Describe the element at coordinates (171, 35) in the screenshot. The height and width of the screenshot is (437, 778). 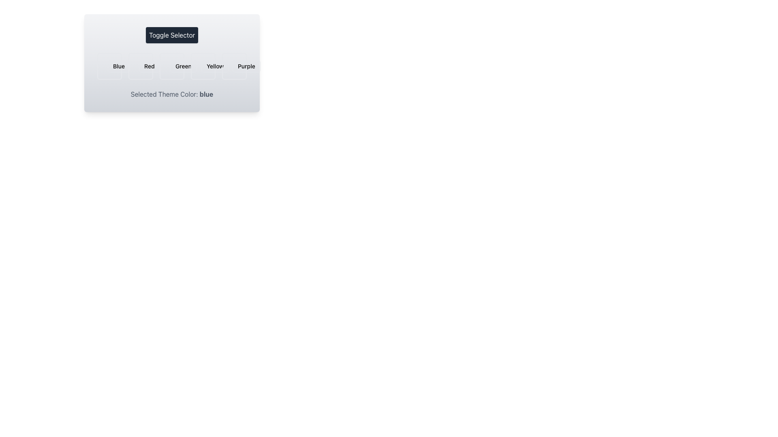
I see `the button labeled 'Toggle Selector', which has a dark gray background and white text` at that location.